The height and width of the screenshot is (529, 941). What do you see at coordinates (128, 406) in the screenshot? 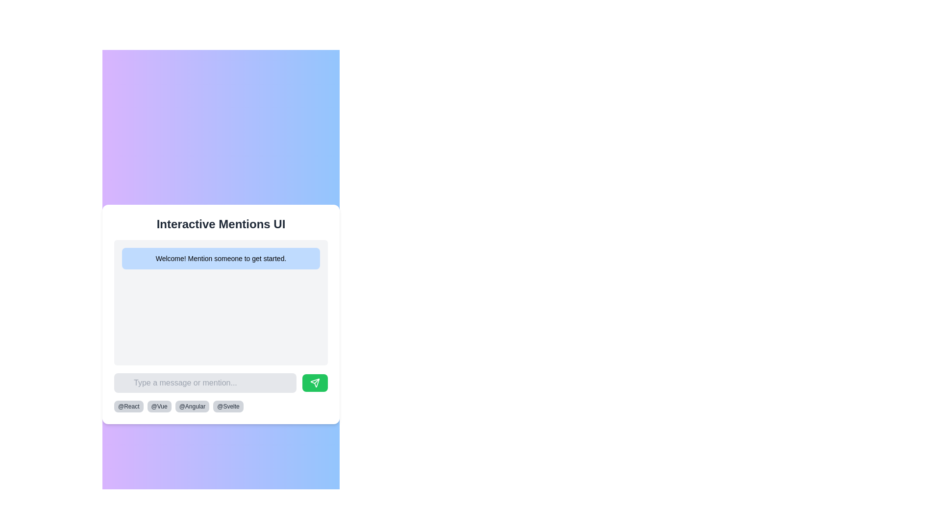
I see `the first label representing the 'React' framework` at bounding box center [128, 406].